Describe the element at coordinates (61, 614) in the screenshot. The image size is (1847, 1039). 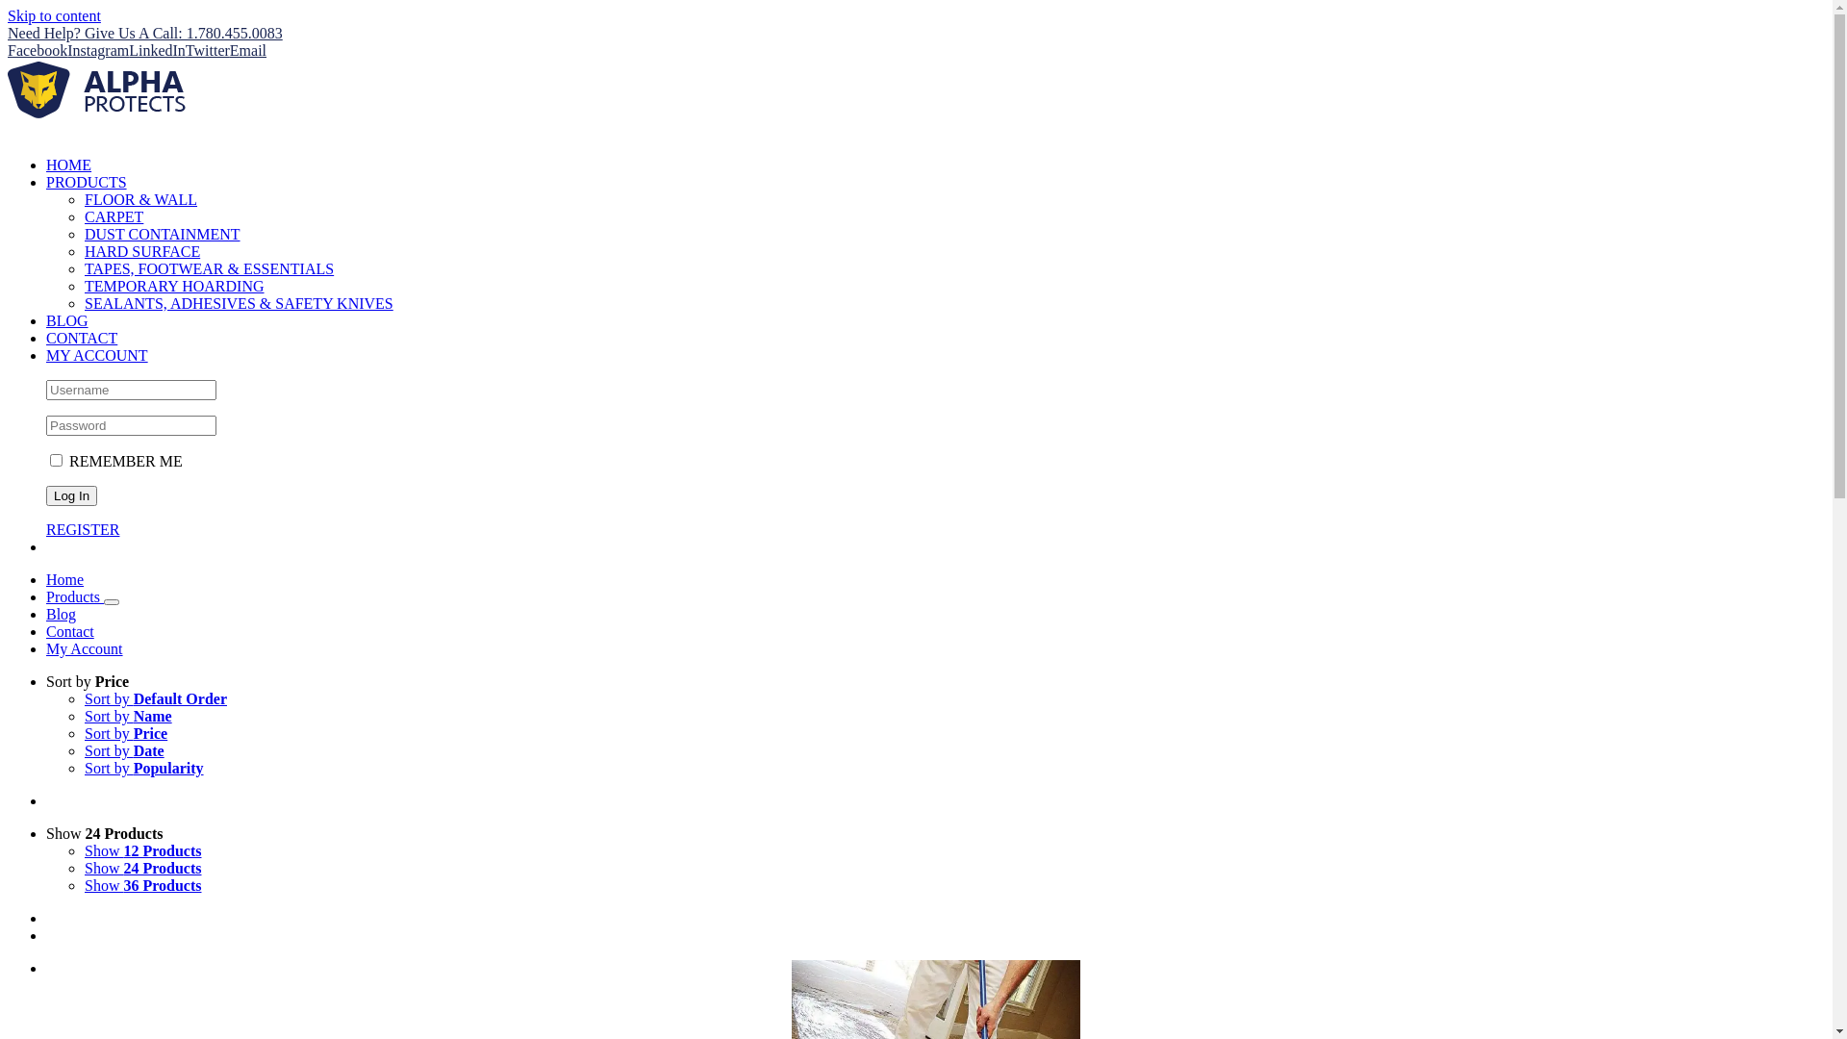
I see `'Blog'` at that location.